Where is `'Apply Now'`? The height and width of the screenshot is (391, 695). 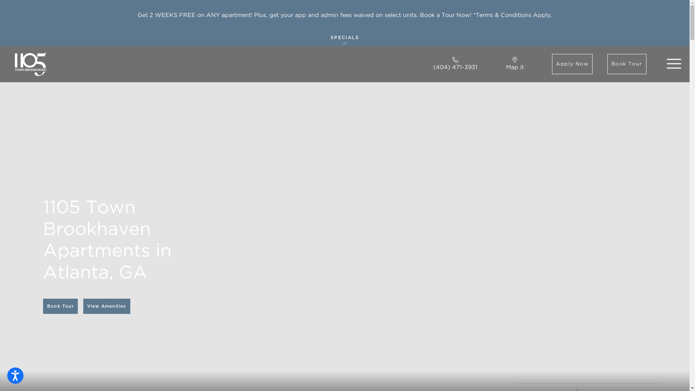
'Apply Now' is located at coordinates (572, 64).